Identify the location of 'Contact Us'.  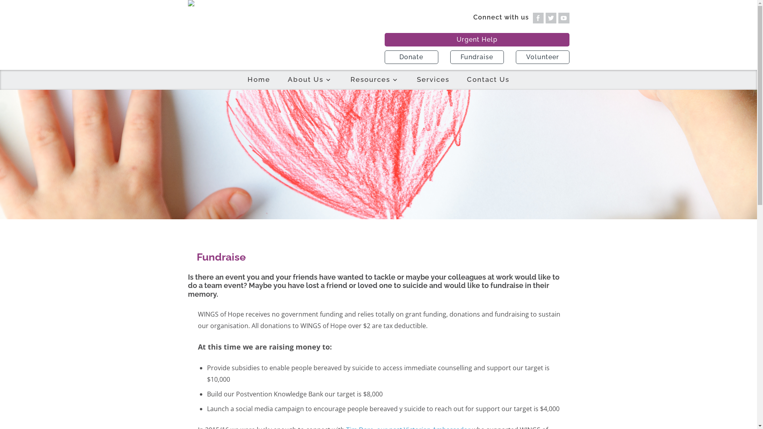
(467, 79).